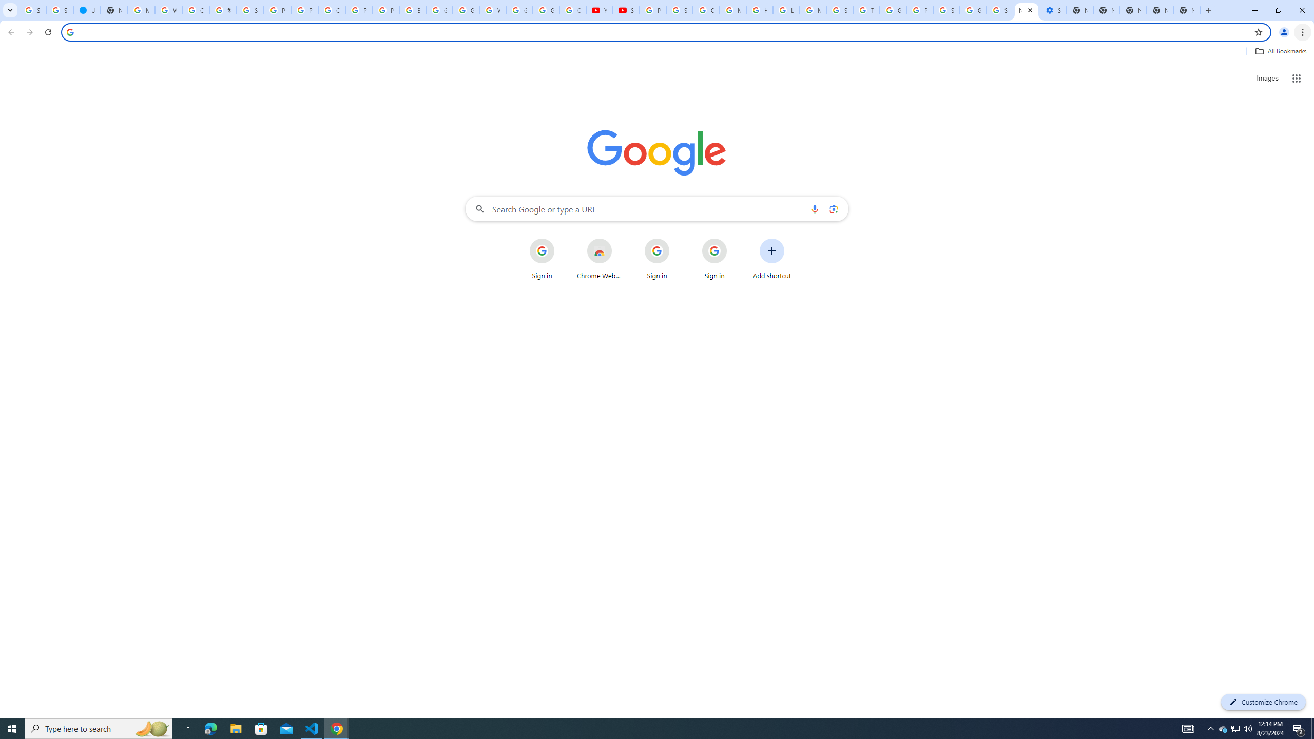 The width and height of the screenshot is (1314, 739). What do you see at coordinates (1052, 10) in the screenshot?
I see `'Settings - Performance'` at bounding box center [1052, 10].